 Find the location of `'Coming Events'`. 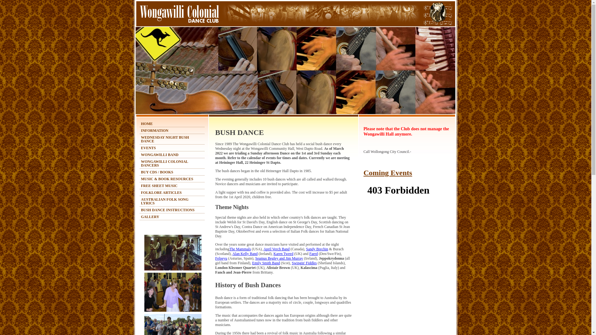

'Coming Events' is located at coordinates (387, 172).